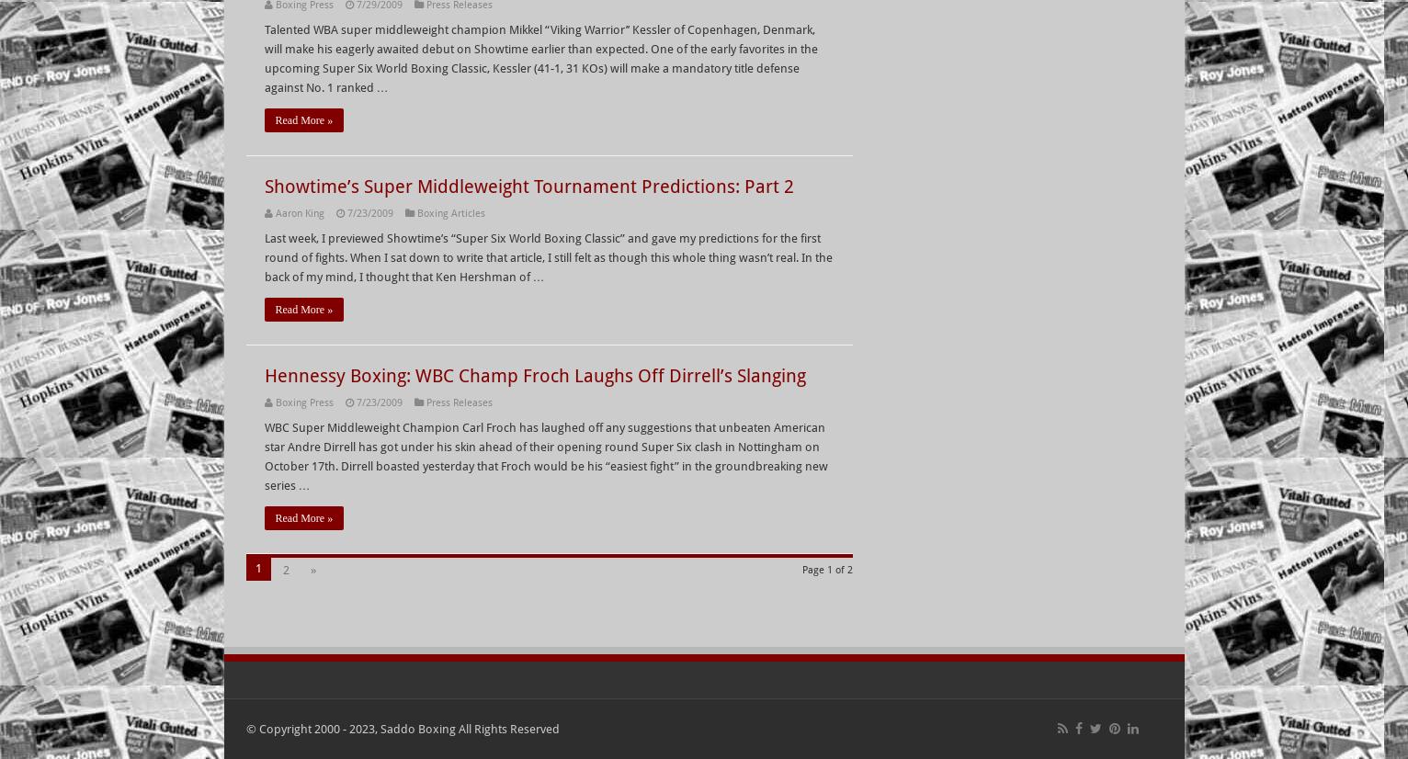 This screenshot has width=1408, height=759. What do you see at coordinates (402, 729) in the screenshot?
I see `'© Copyright 2000 - 2023, Saddo Boxing All Rights Reserved'` at bounding box center [402, 729].